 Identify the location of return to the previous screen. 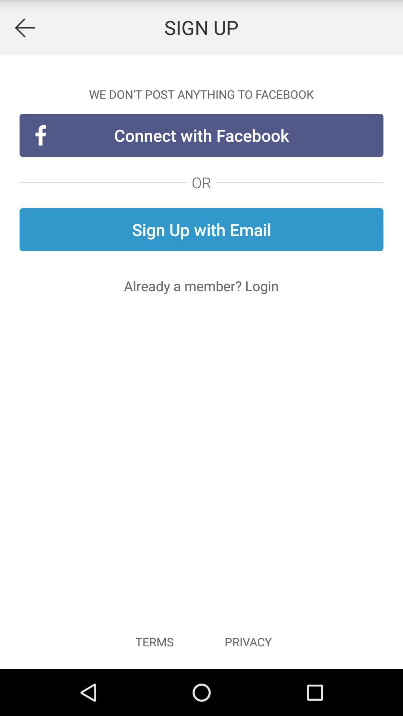
(24, 27).